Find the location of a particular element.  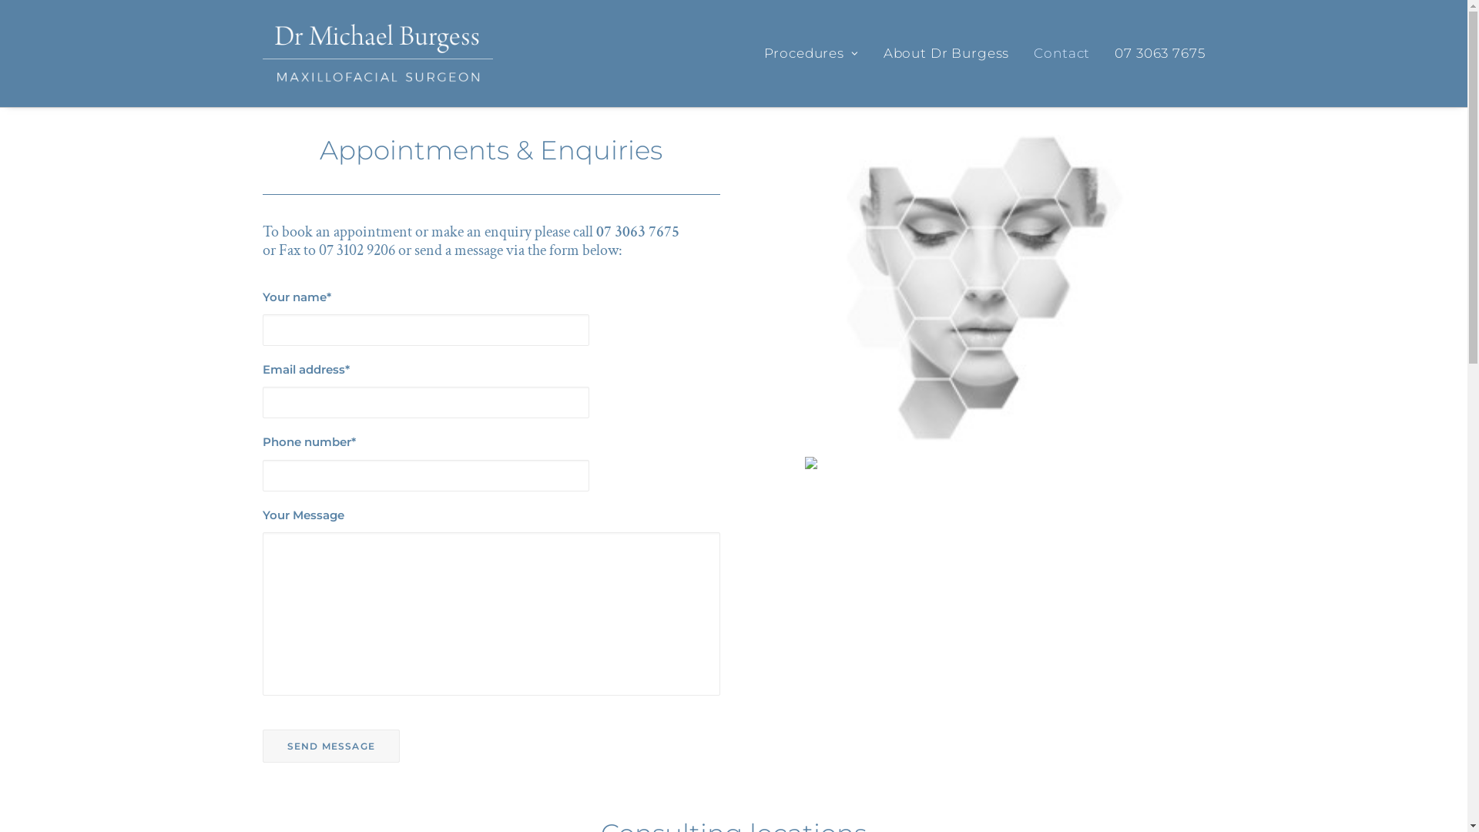

'About Dr Burgess' is located at coordinates (872, 52).